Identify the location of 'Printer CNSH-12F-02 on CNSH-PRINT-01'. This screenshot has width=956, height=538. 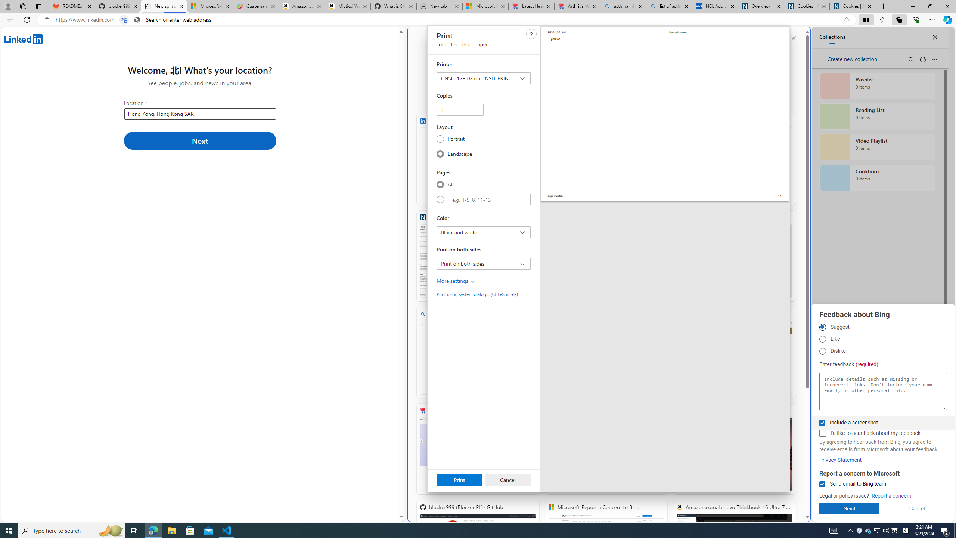
(484, 78).